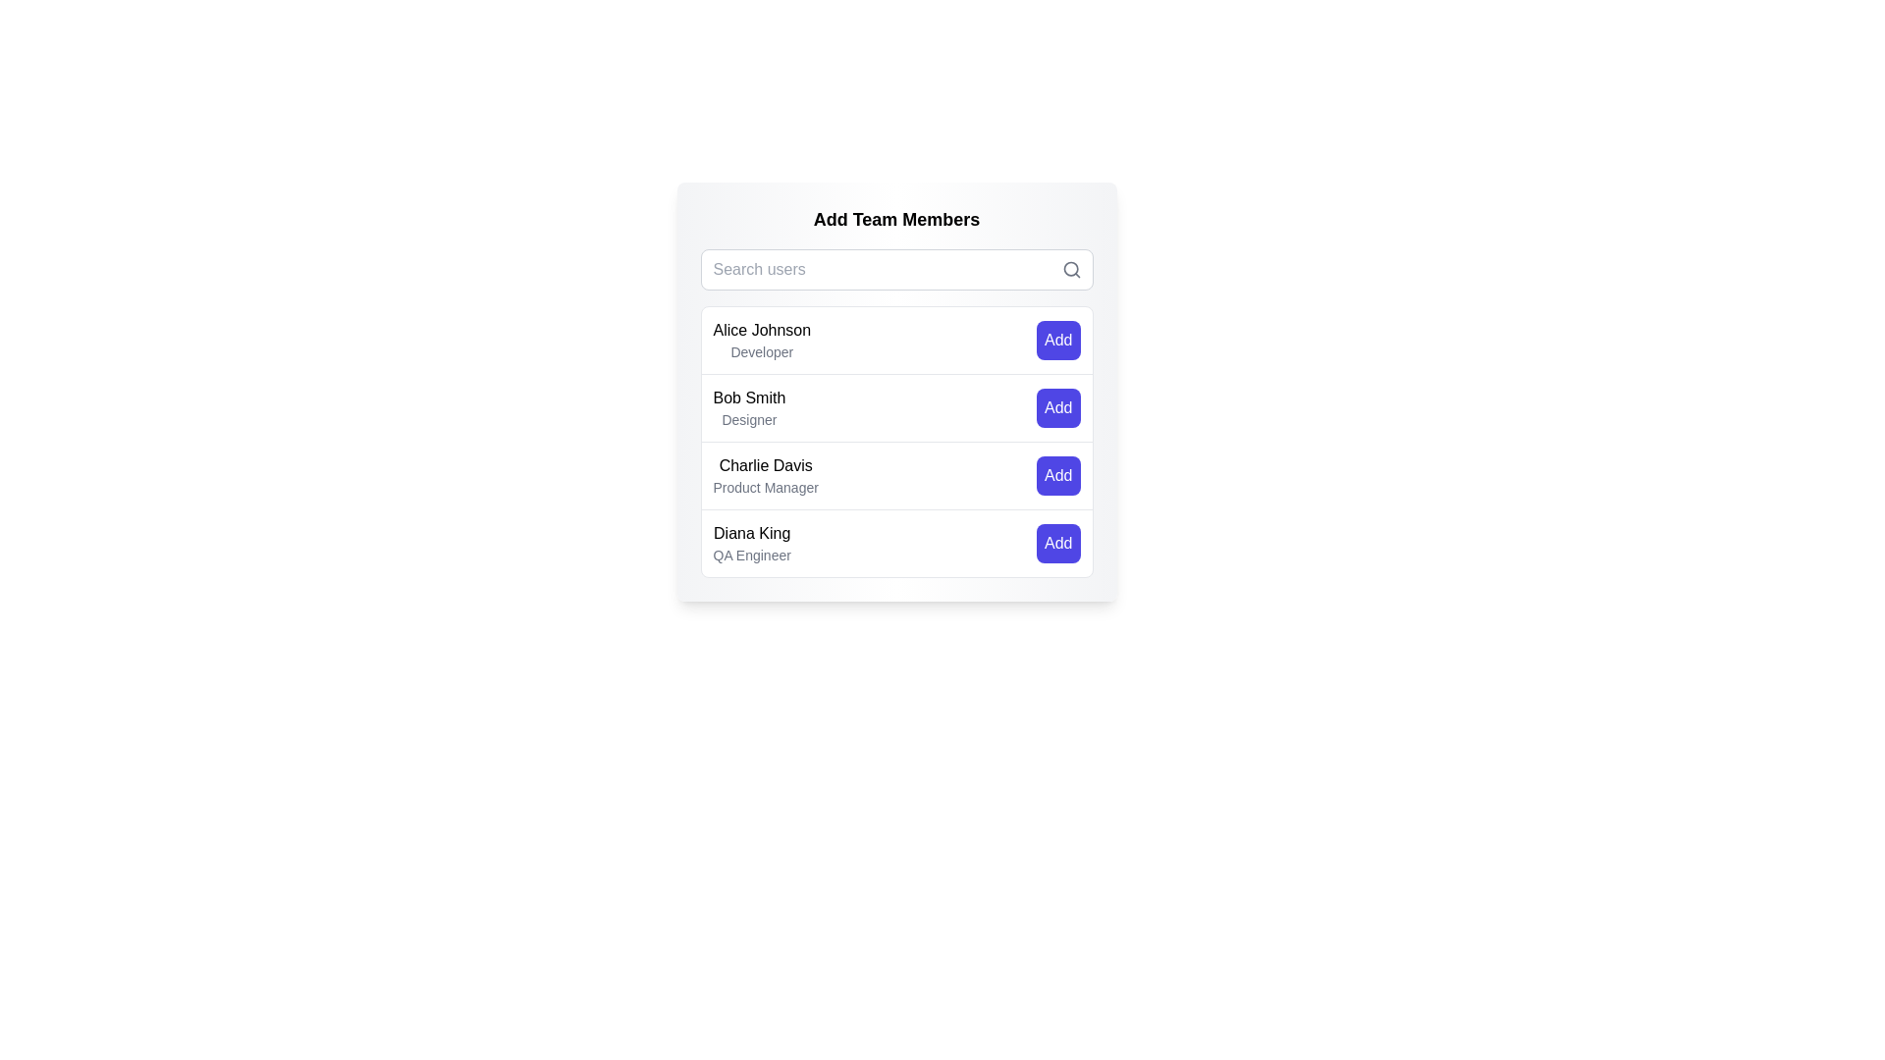  I want to click on the 'Add Team Members' heading text, which is styled in bold, black font and is prominently placed at the top of its card-like component, so click(895, 219).